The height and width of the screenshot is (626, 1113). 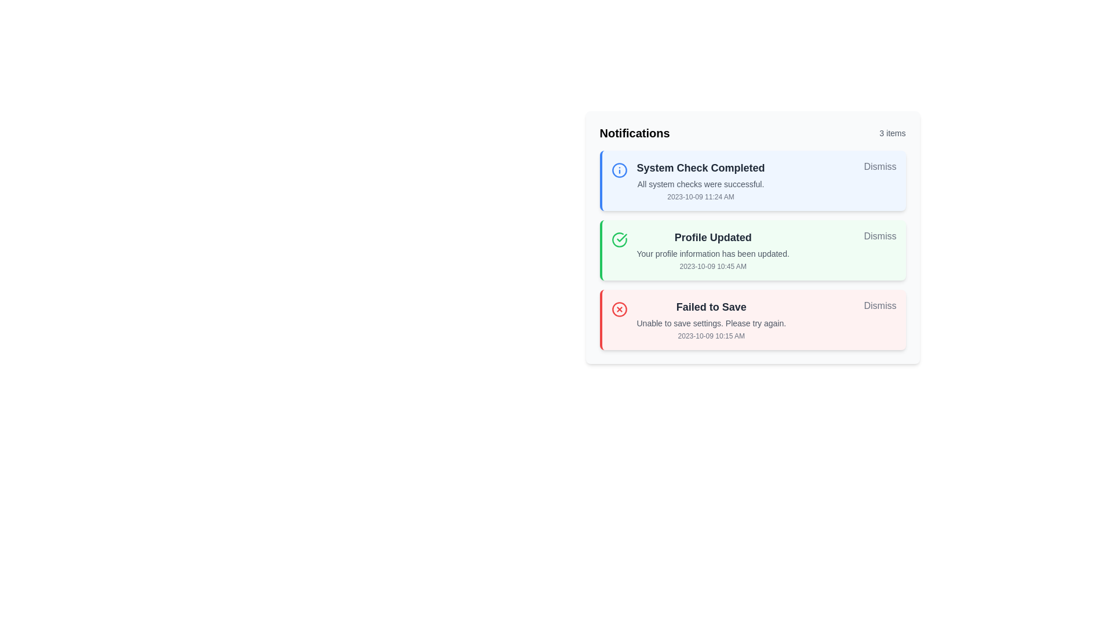 I want to click on the text label element displaying the timestamp '2023-10-09 10:45 AM', which is located below the 'Profile Updated' notification message, so click(x=712, y=266).